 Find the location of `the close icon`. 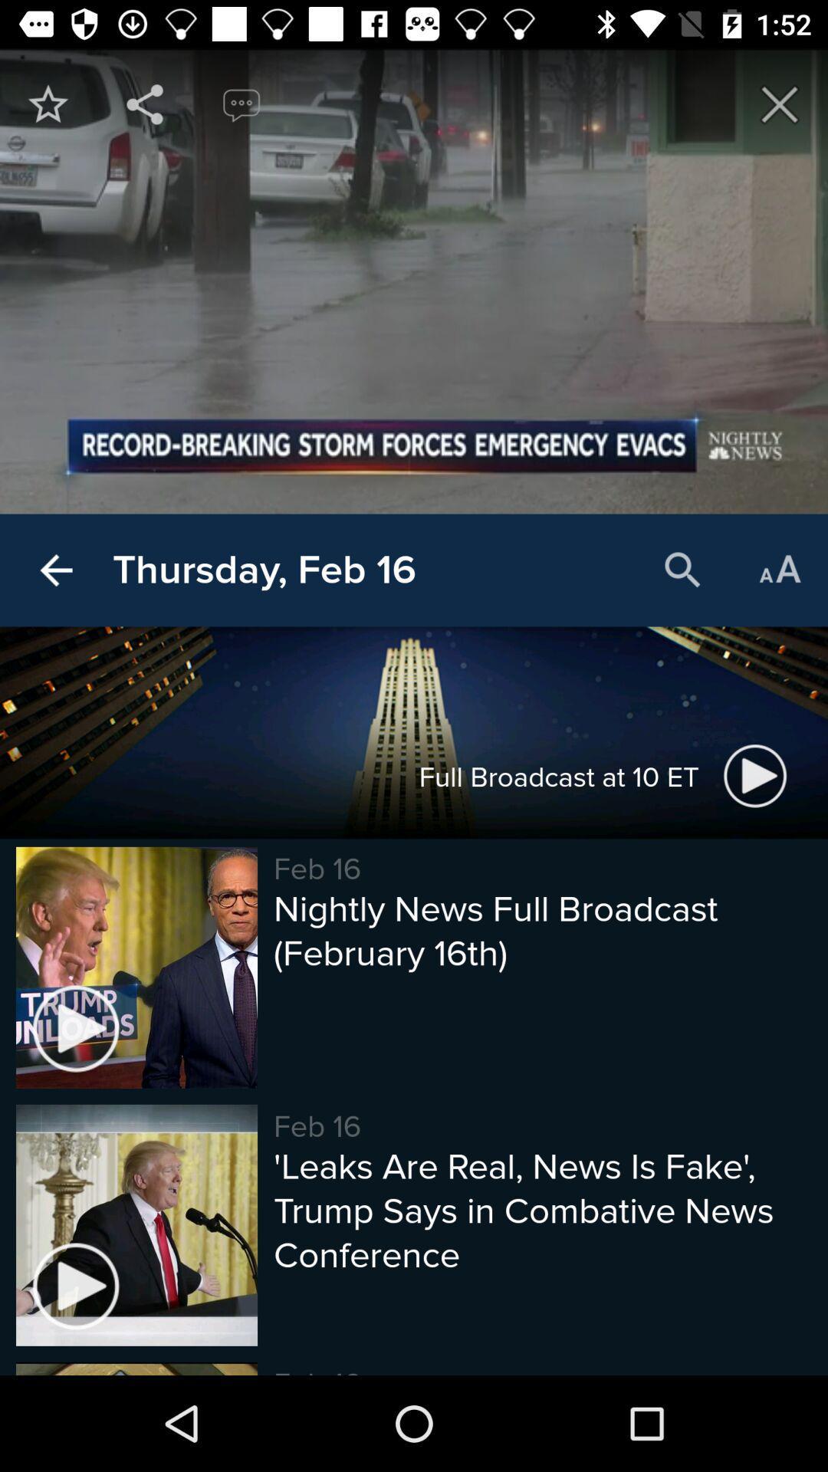

the close icon is located at coordinates (780, 103).